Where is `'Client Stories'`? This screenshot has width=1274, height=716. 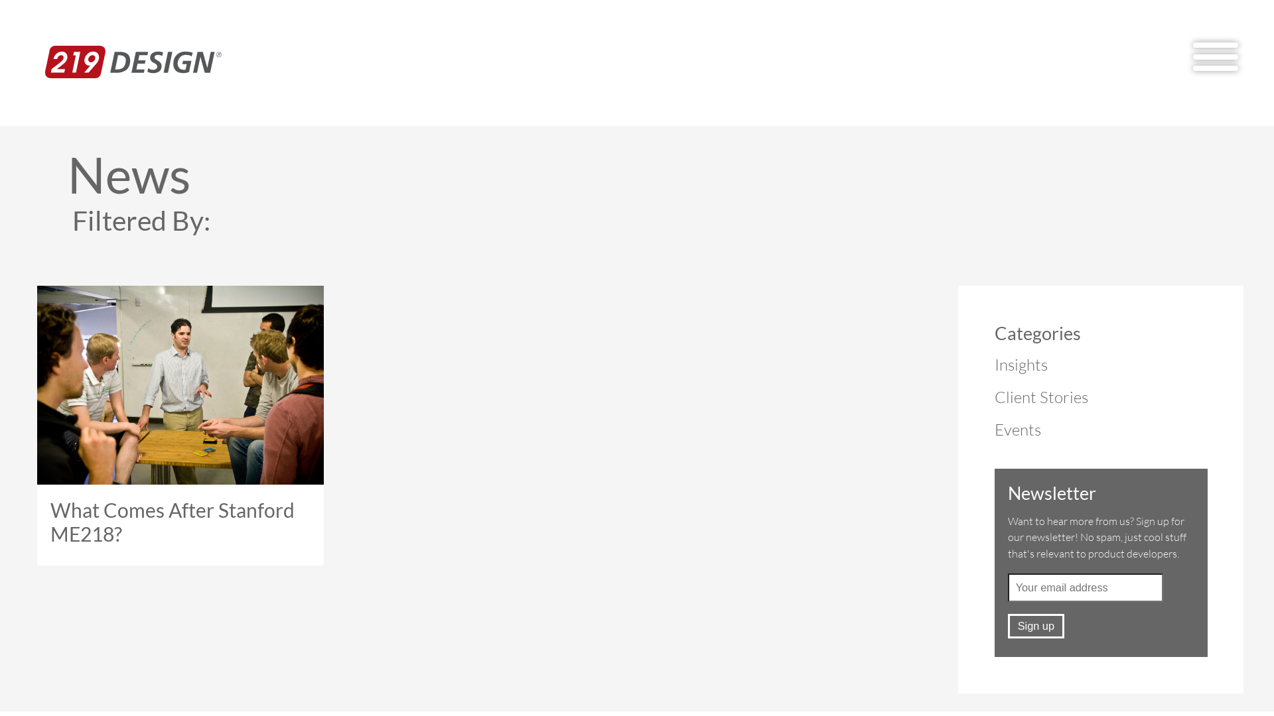 'Client Stories' is located at coordinates (1040, 396).